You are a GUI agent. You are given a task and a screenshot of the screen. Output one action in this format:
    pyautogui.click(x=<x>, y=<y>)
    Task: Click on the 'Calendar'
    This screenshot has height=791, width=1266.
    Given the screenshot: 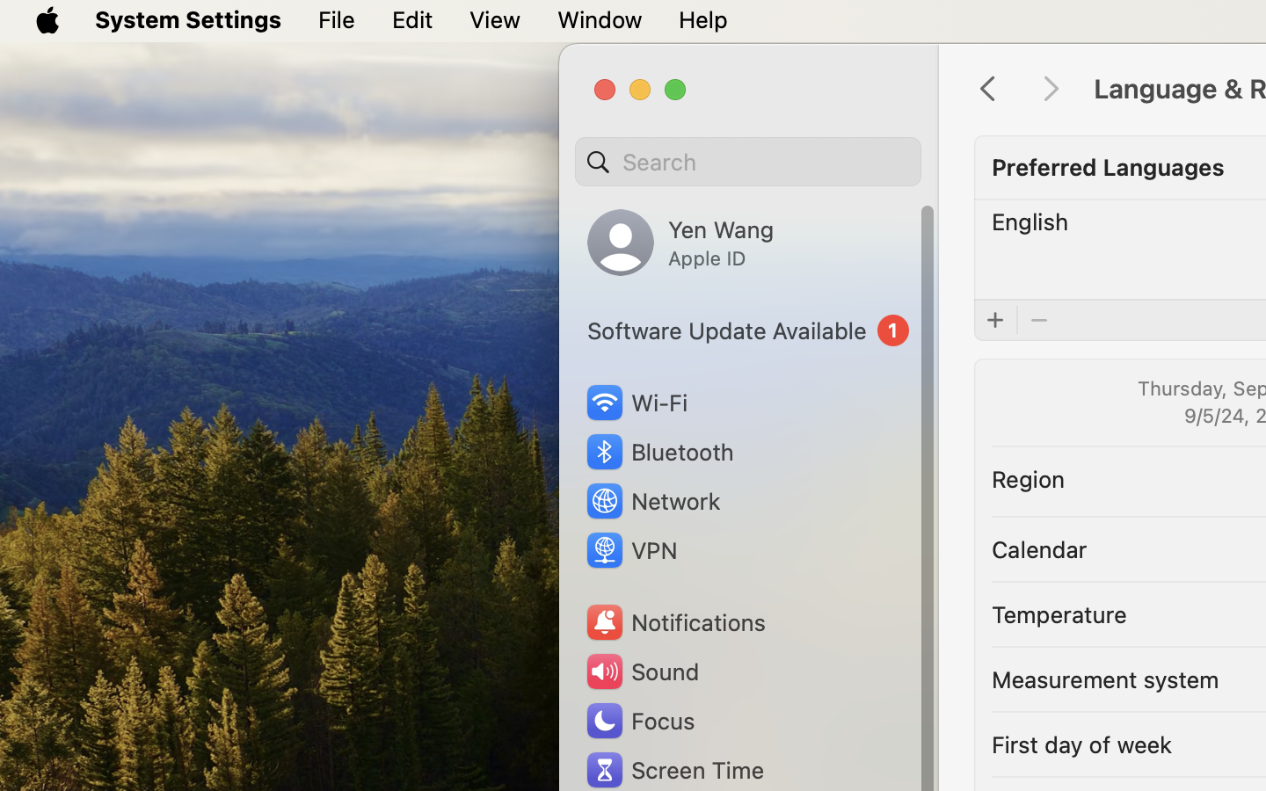 What is the action you would take?
    pyautogui.click(x=1038, y=548)
    